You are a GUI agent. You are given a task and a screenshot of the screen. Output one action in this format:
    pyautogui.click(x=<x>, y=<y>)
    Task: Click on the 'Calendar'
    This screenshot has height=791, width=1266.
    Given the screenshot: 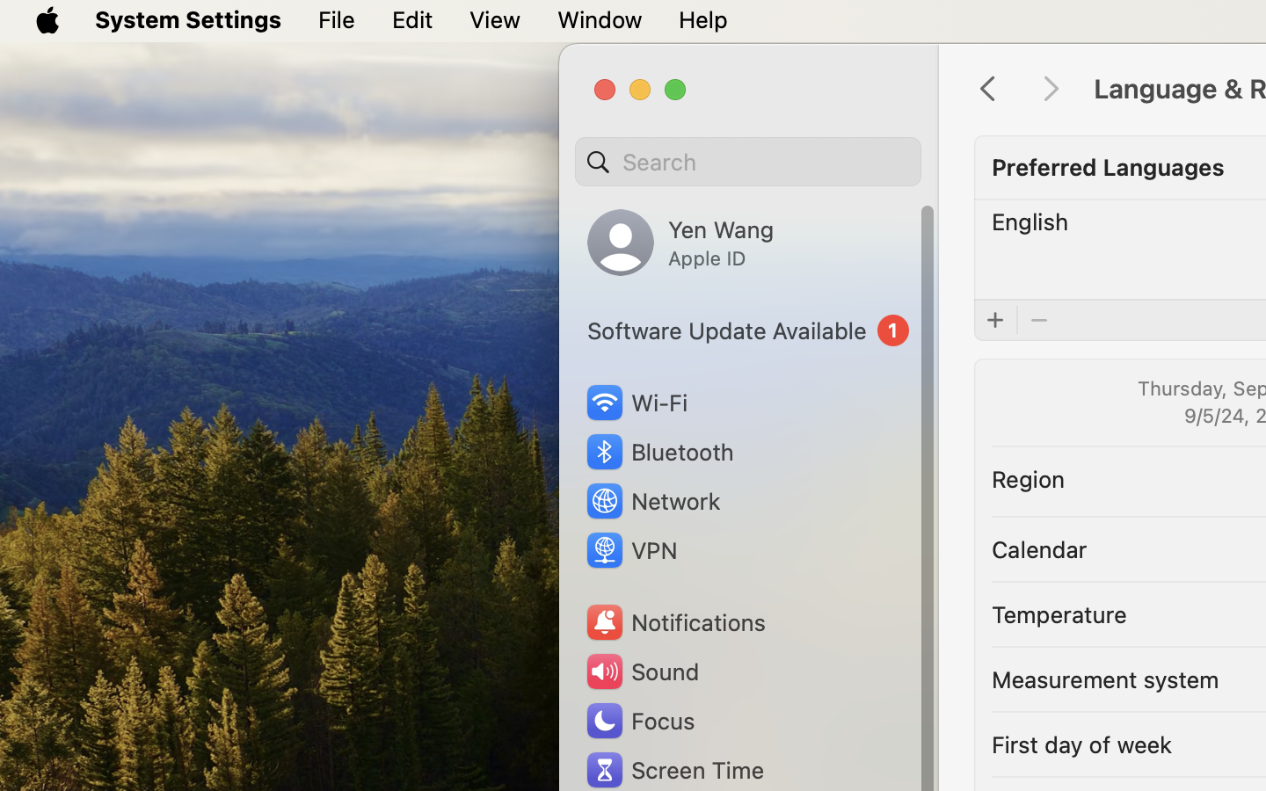 What is the action you would take?
    pyautogui.click(x=1038, y=548)
    